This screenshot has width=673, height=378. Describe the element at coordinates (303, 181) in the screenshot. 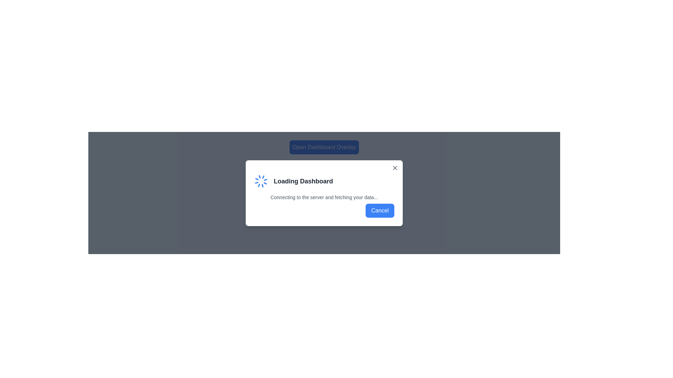

I see `the 'Loading Dashboard' text label displayed in a modal dialog box, which is styled with a large, bold, dark gray font and is positioned near the center of the dialog` at that location.